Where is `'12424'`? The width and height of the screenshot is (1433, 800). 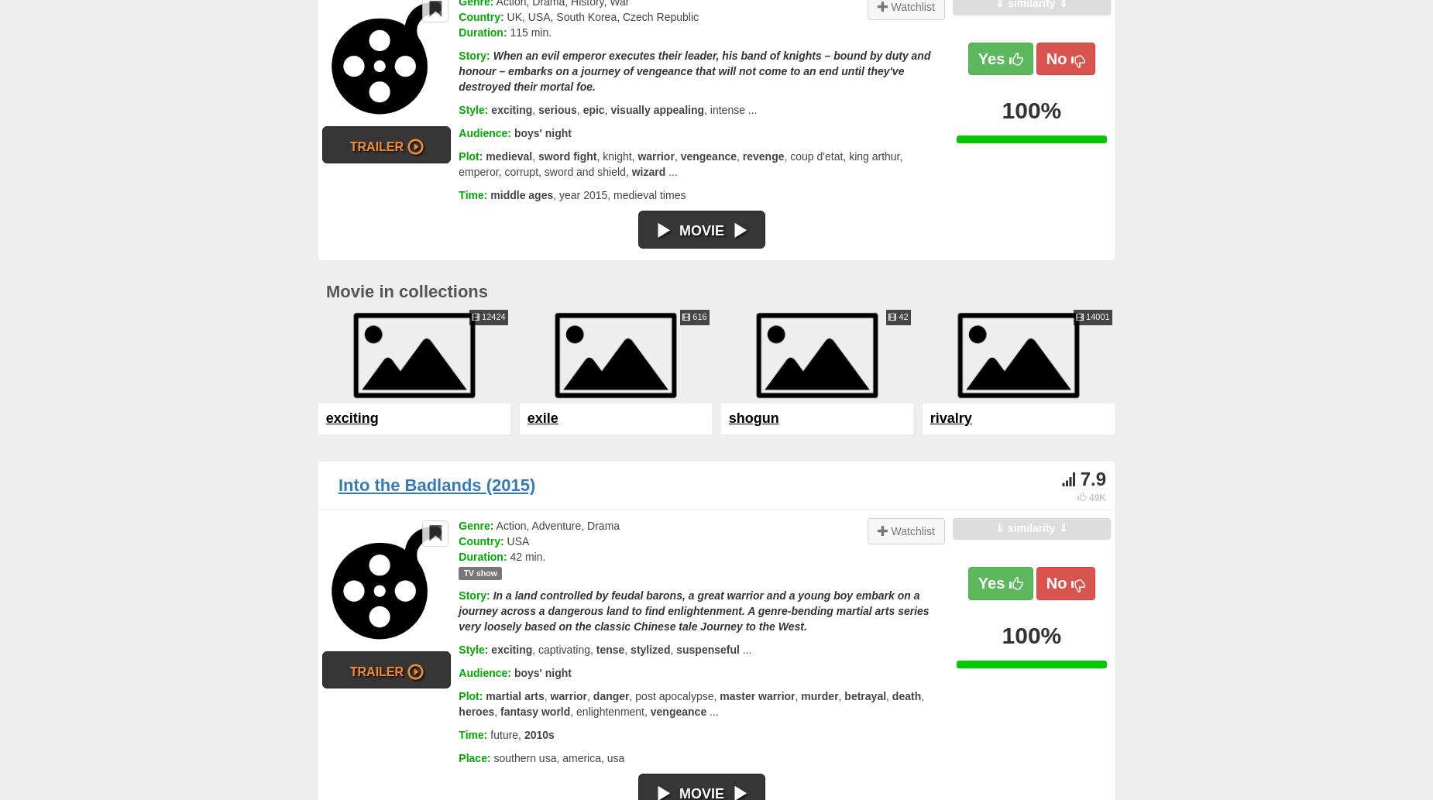 '12424' is located at coordinates (492, 316).